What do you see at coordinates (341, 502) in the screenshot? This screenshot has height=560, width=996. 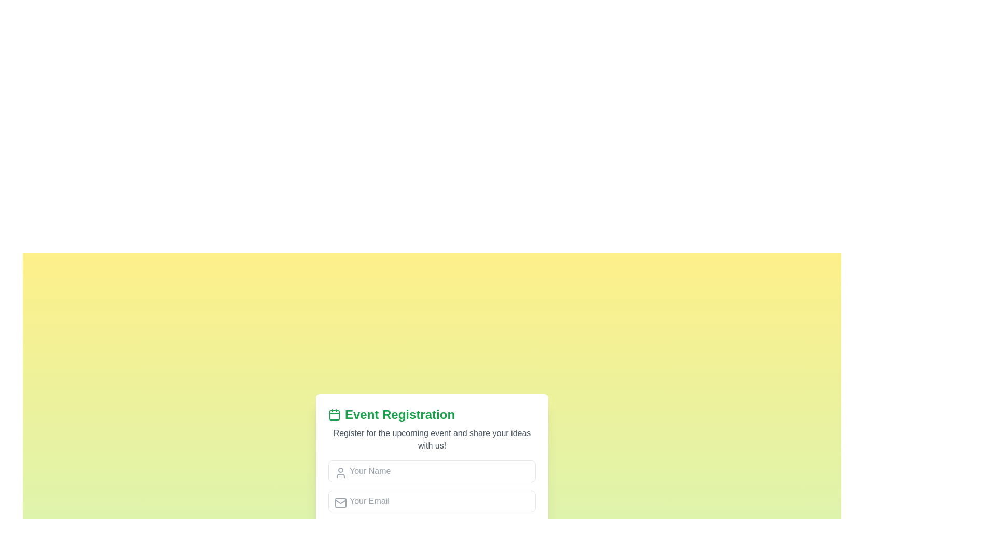 I see `the envelope icon representing email, which is styled in a minimalistic gray design and located at the top-left corner of the input field labeled 'Your Email'` at bounding box center [341, 502].